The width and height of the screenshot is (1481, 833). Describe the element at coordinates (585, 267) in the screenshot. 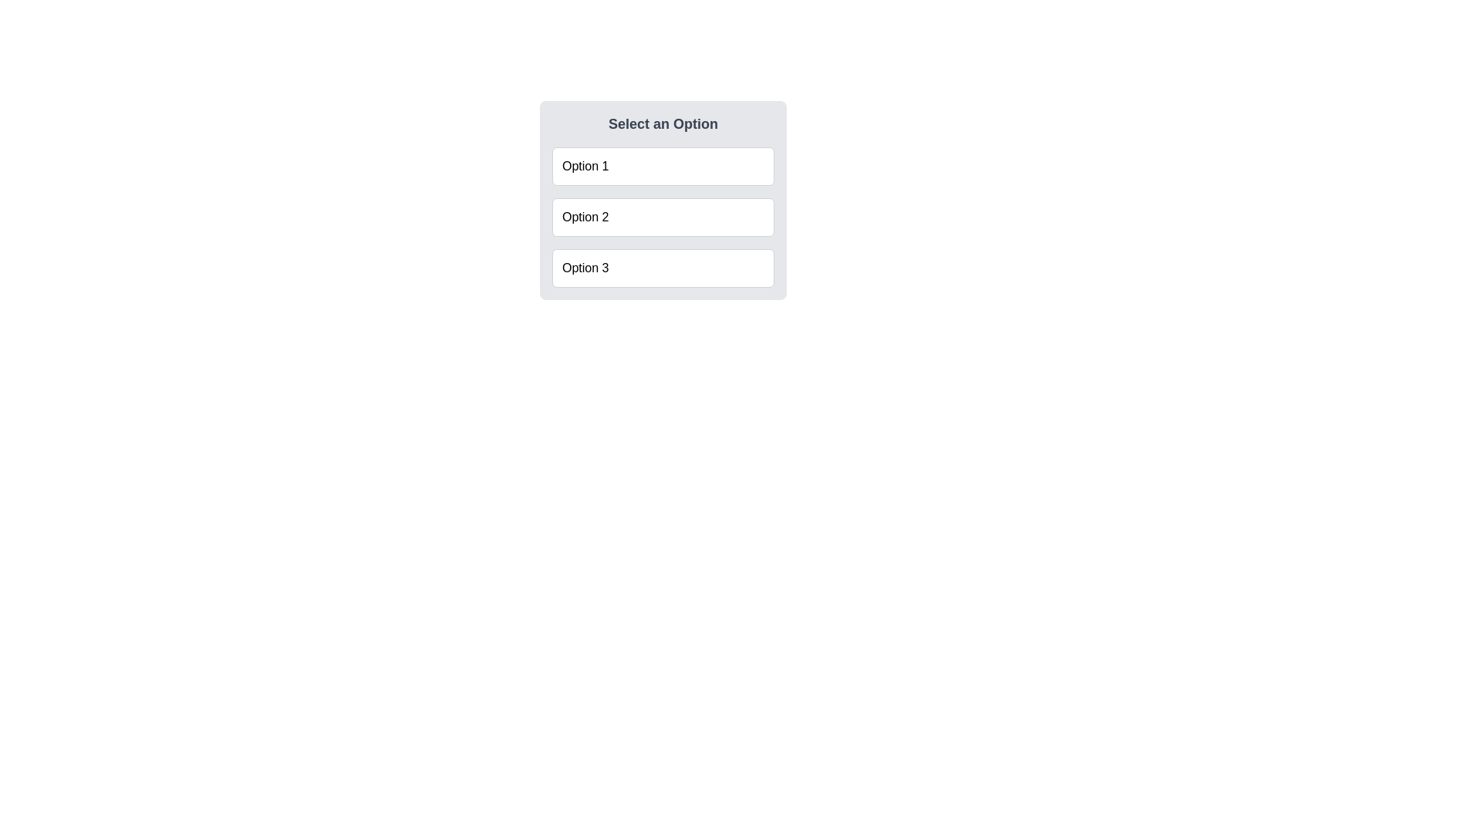

I see `the text label displaying 'Option 3', which is the third option in a vertically stacked list of options, centered below 'Option 2'` at that location.